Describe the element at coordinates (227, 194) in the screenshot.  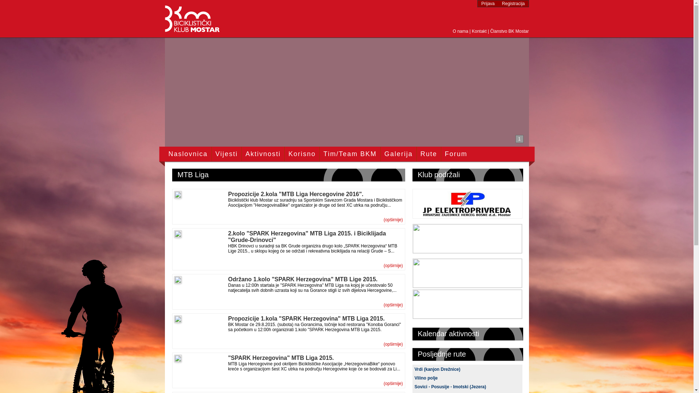
I see `'Propozicije 2.kola "MTB Liga Hercegovine 2016".'` at that location.